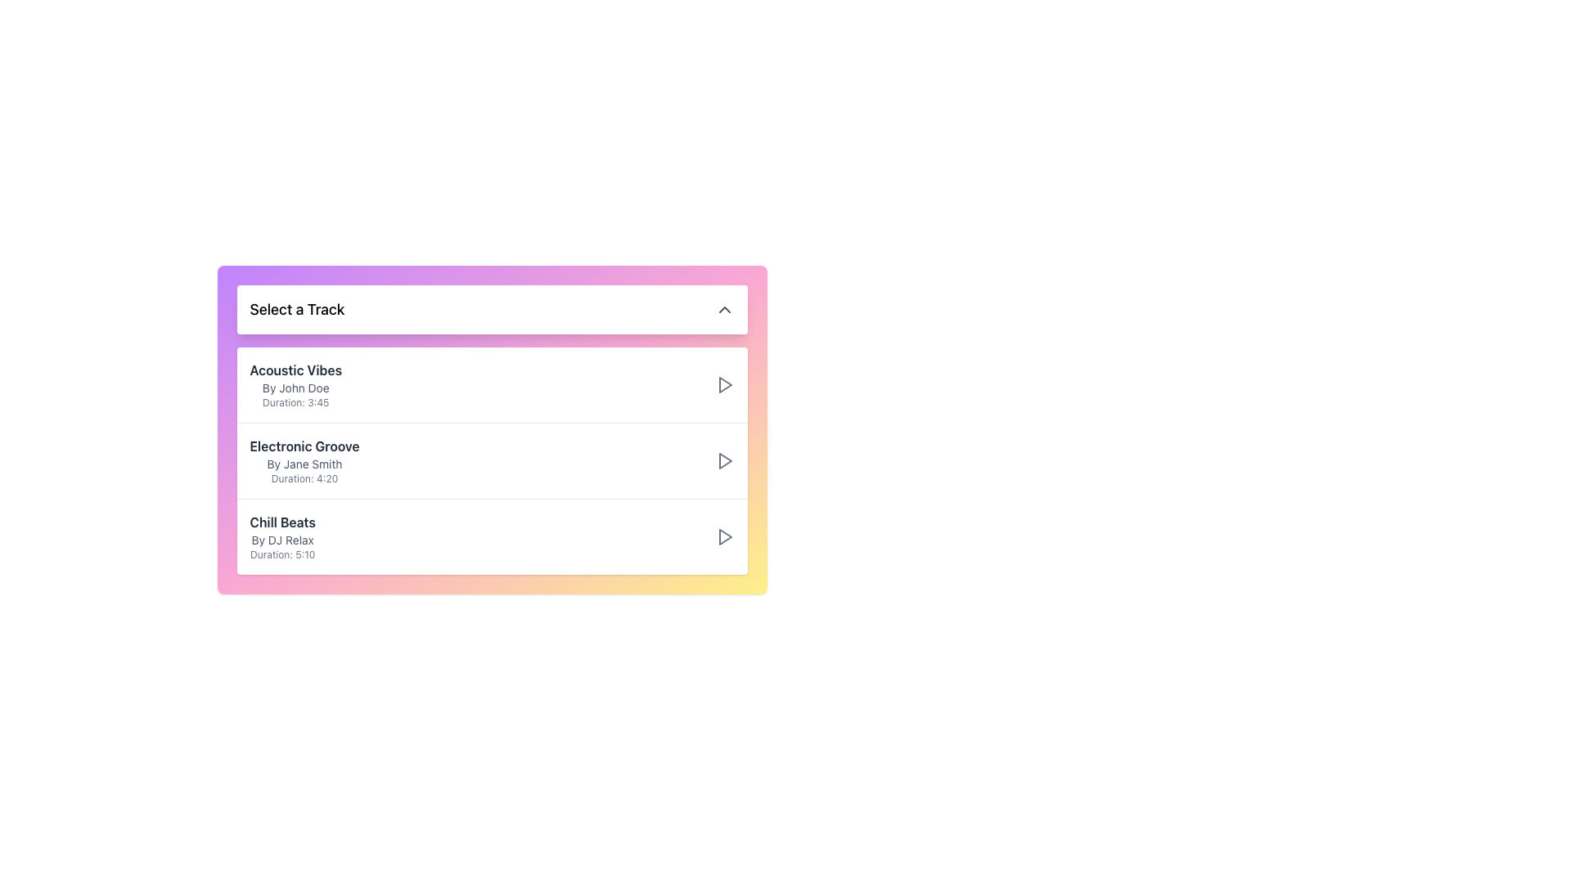 Image resolution: width=1571 pixels, height=883 pixels. What do you see at coordinates (724, 536) in the screenshot?
I see `the small triangular 'Play' icon to the right of the text 'Chill Beats' in the third row of the vertical list` at bounding box center [724, 536].